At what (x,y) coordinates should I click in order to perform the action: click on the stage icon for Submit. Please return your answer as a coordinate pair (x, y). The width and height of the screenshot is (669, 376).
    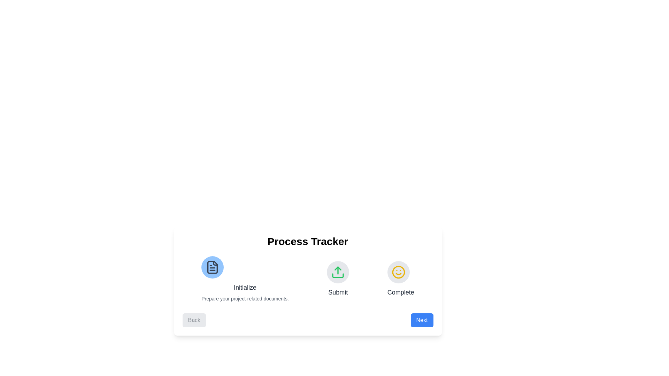
    Looking at the image, I should click on (338, 272).